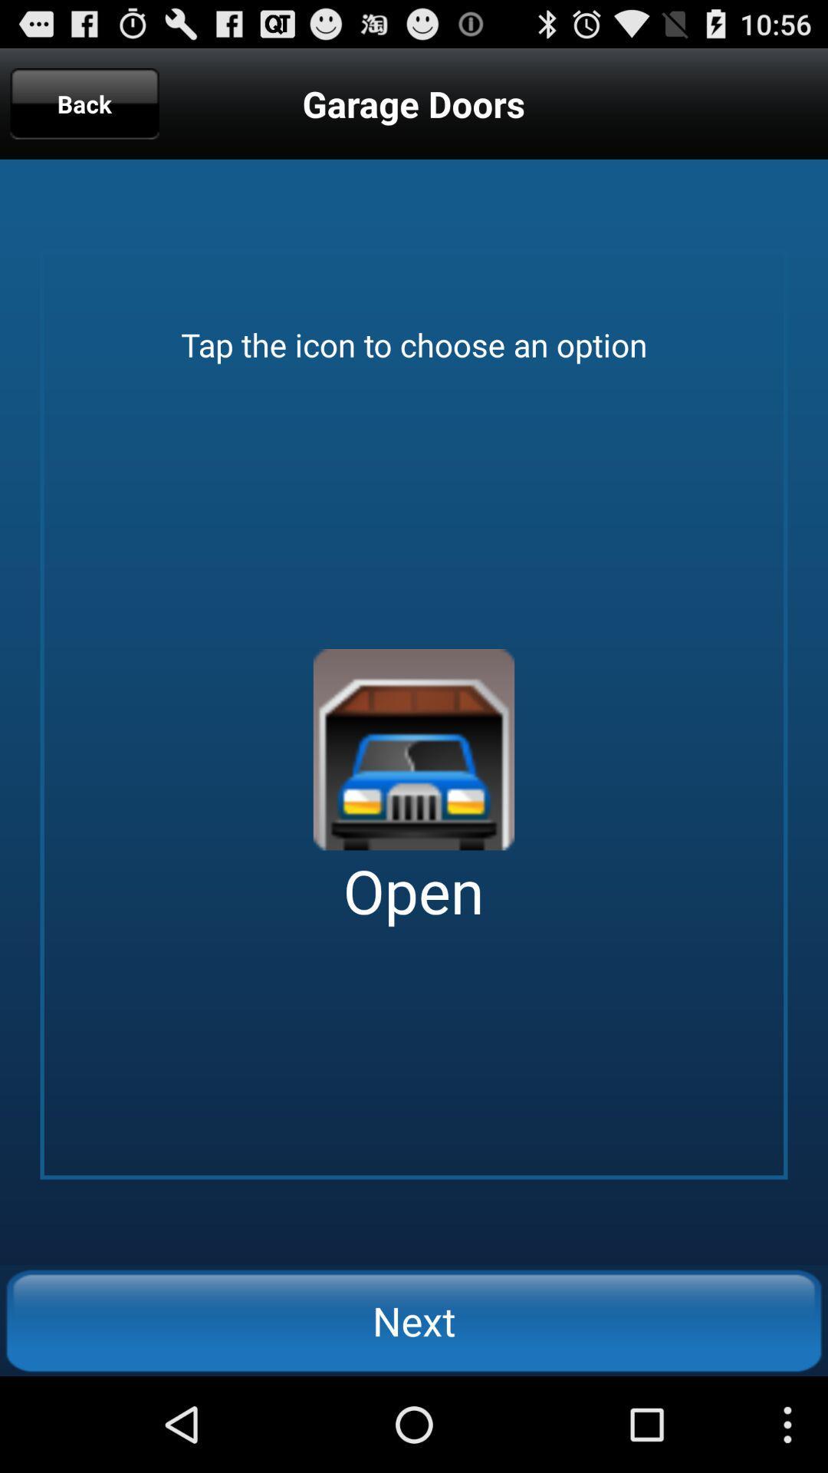 The width and height of the screenshot is (828, 1473). I want to click on app below the tap the icon, so click(414, 750).